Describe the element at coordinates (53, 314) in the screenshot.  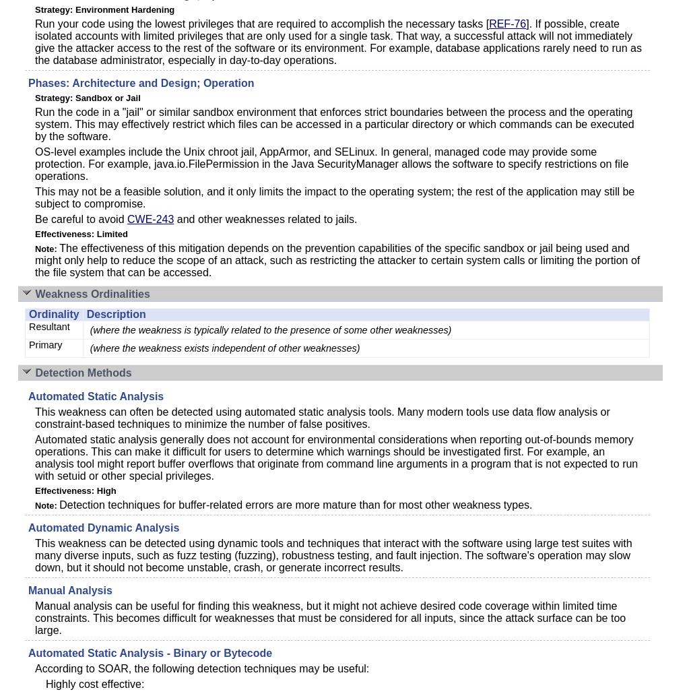
I see `'Ordinality'` at that location.